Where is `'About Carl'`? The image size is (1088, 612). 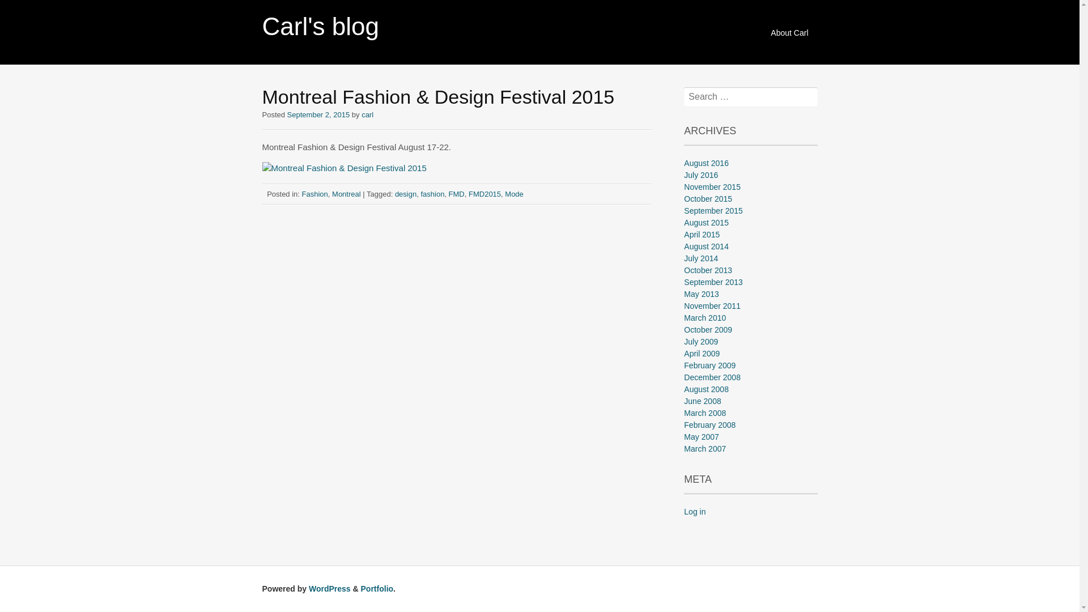
'About Carl' is located at coordinates (788, 32).